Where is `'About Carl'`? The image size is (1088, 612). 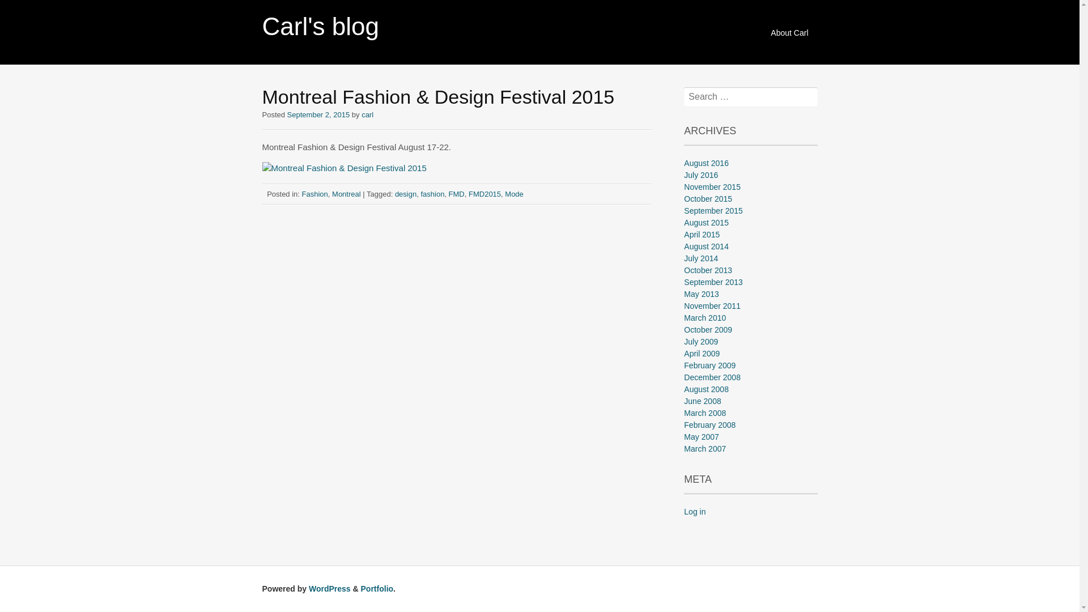
'About Carl' is located at coordinates (788, 32).